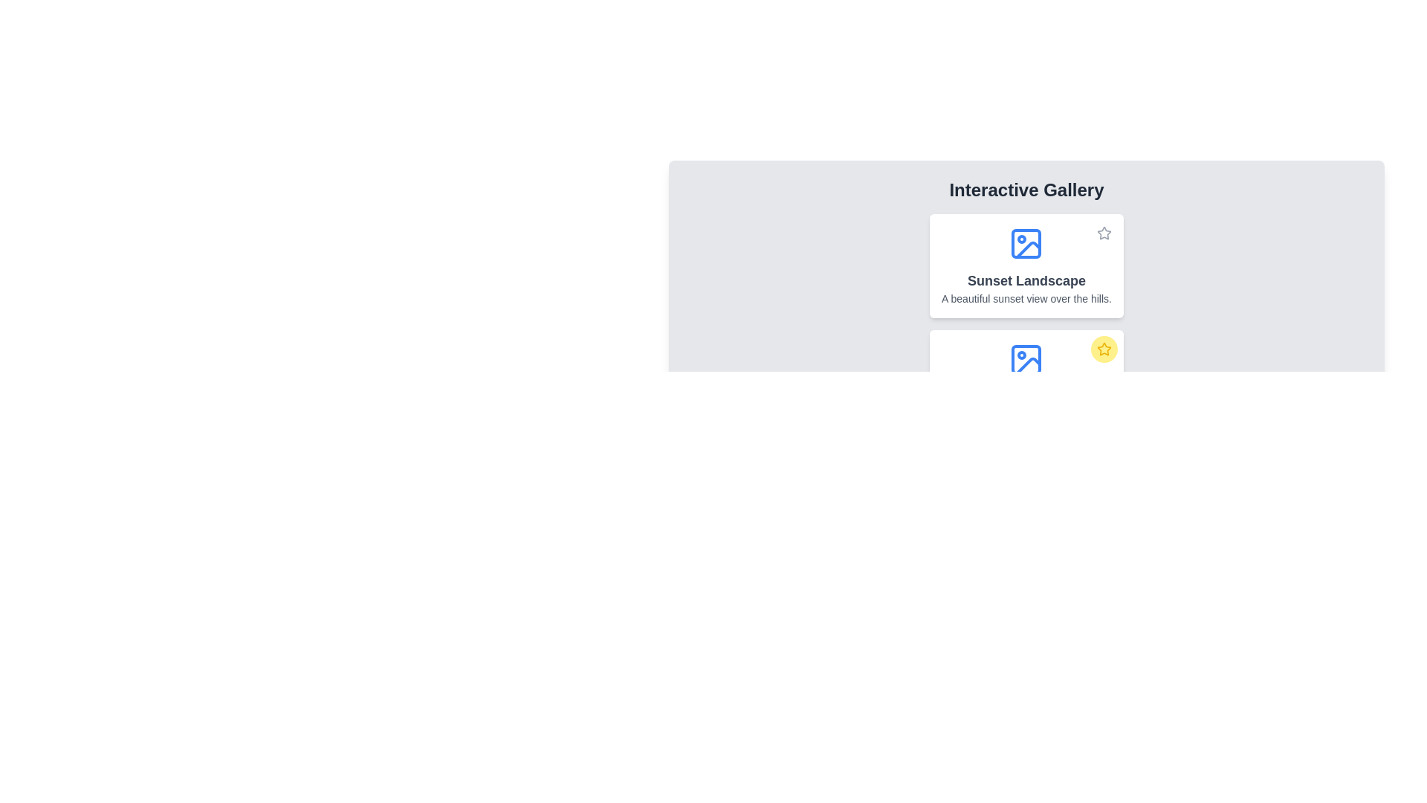 Image resolution: width=1427 pixels, height=803 pixels. Describe the element at coordinates (1104, 233) in the screenshot. I see `the star icon located in the lower-right corner of the interface below the 'Sunset Landscape' card` at that location.